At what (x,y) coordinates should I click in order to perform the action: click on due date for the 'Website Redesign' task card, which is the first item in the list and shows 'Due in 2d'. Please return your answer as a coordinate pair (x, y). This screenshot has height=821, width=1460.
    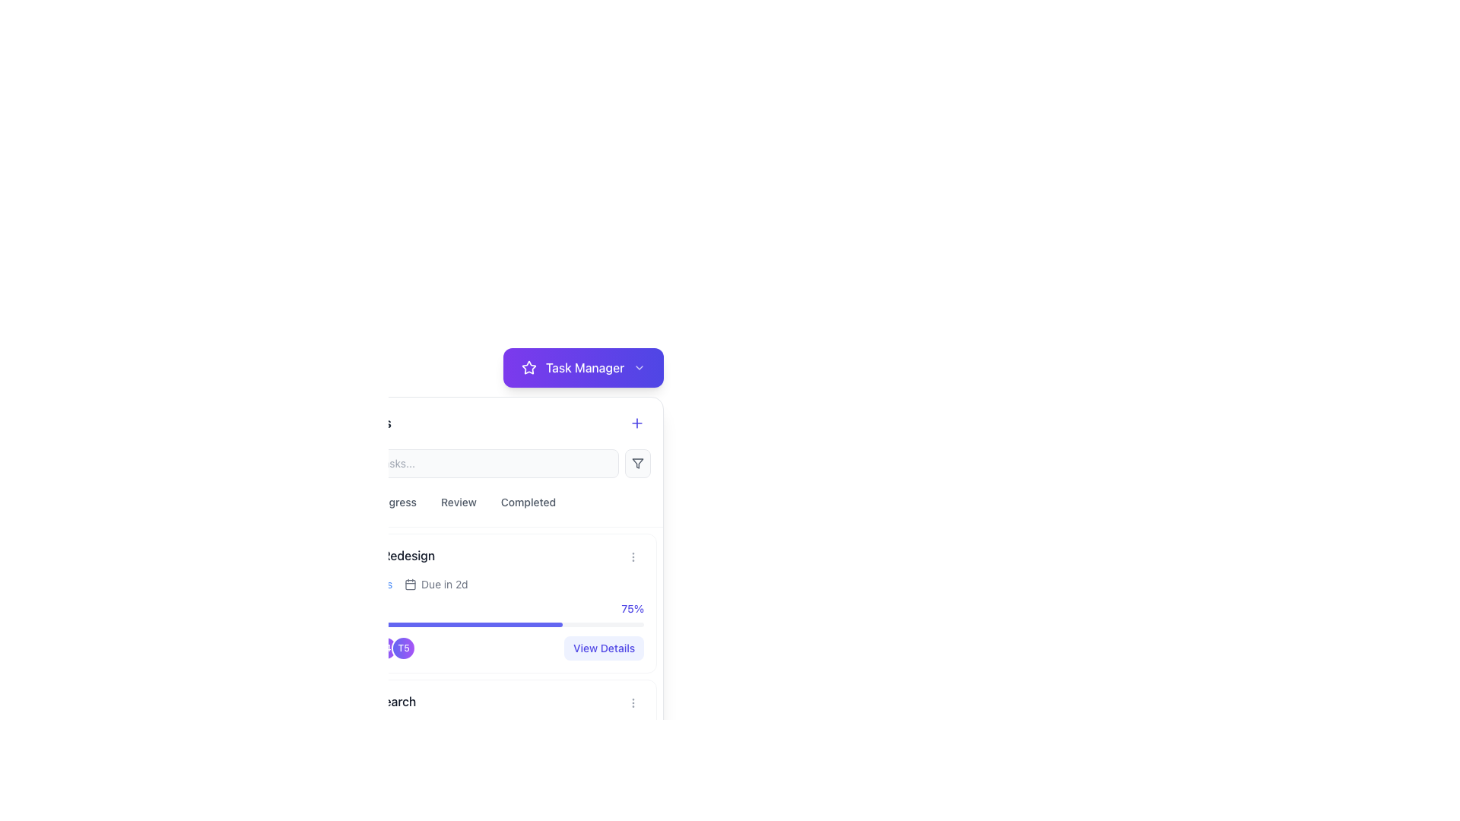
    Looking at the image, I should click on (481, 603).